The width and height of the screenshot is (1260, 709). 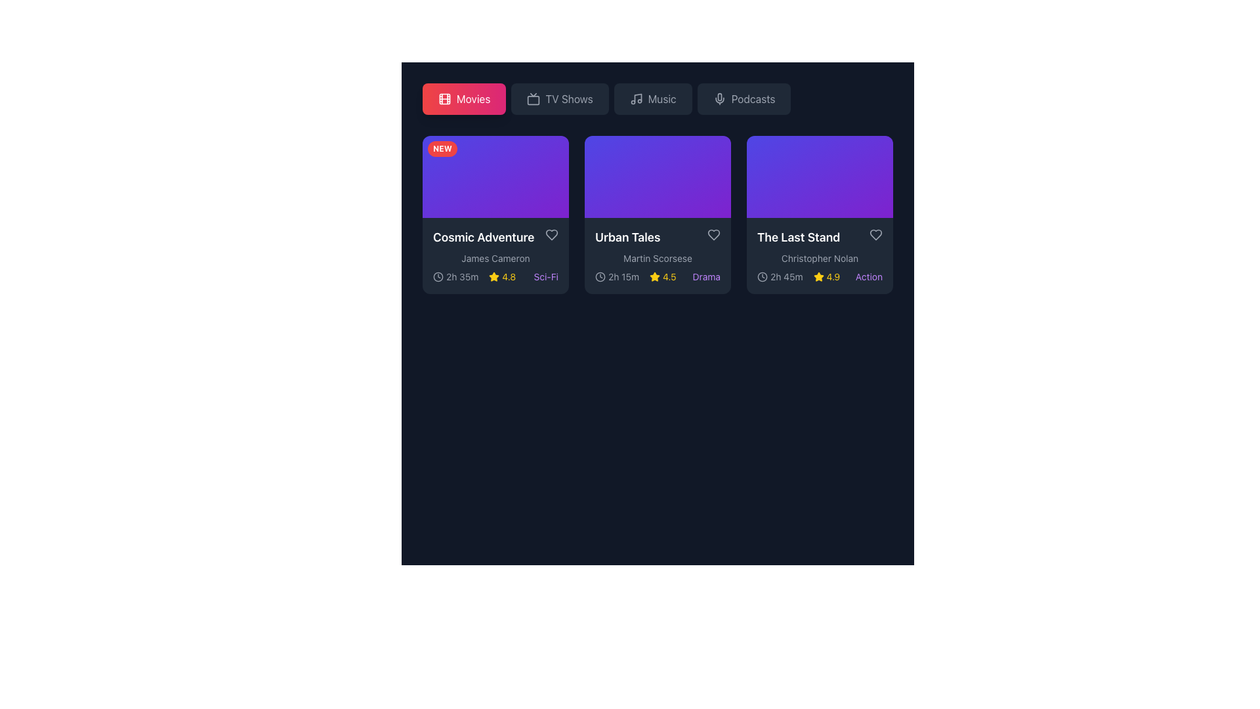 What do you see at coordinates (551, 234) in the screenshot?
I see `the heart-shaped icon button located to the right of the title 'Cosmic Adventure'` at bounding box center [551, 234].